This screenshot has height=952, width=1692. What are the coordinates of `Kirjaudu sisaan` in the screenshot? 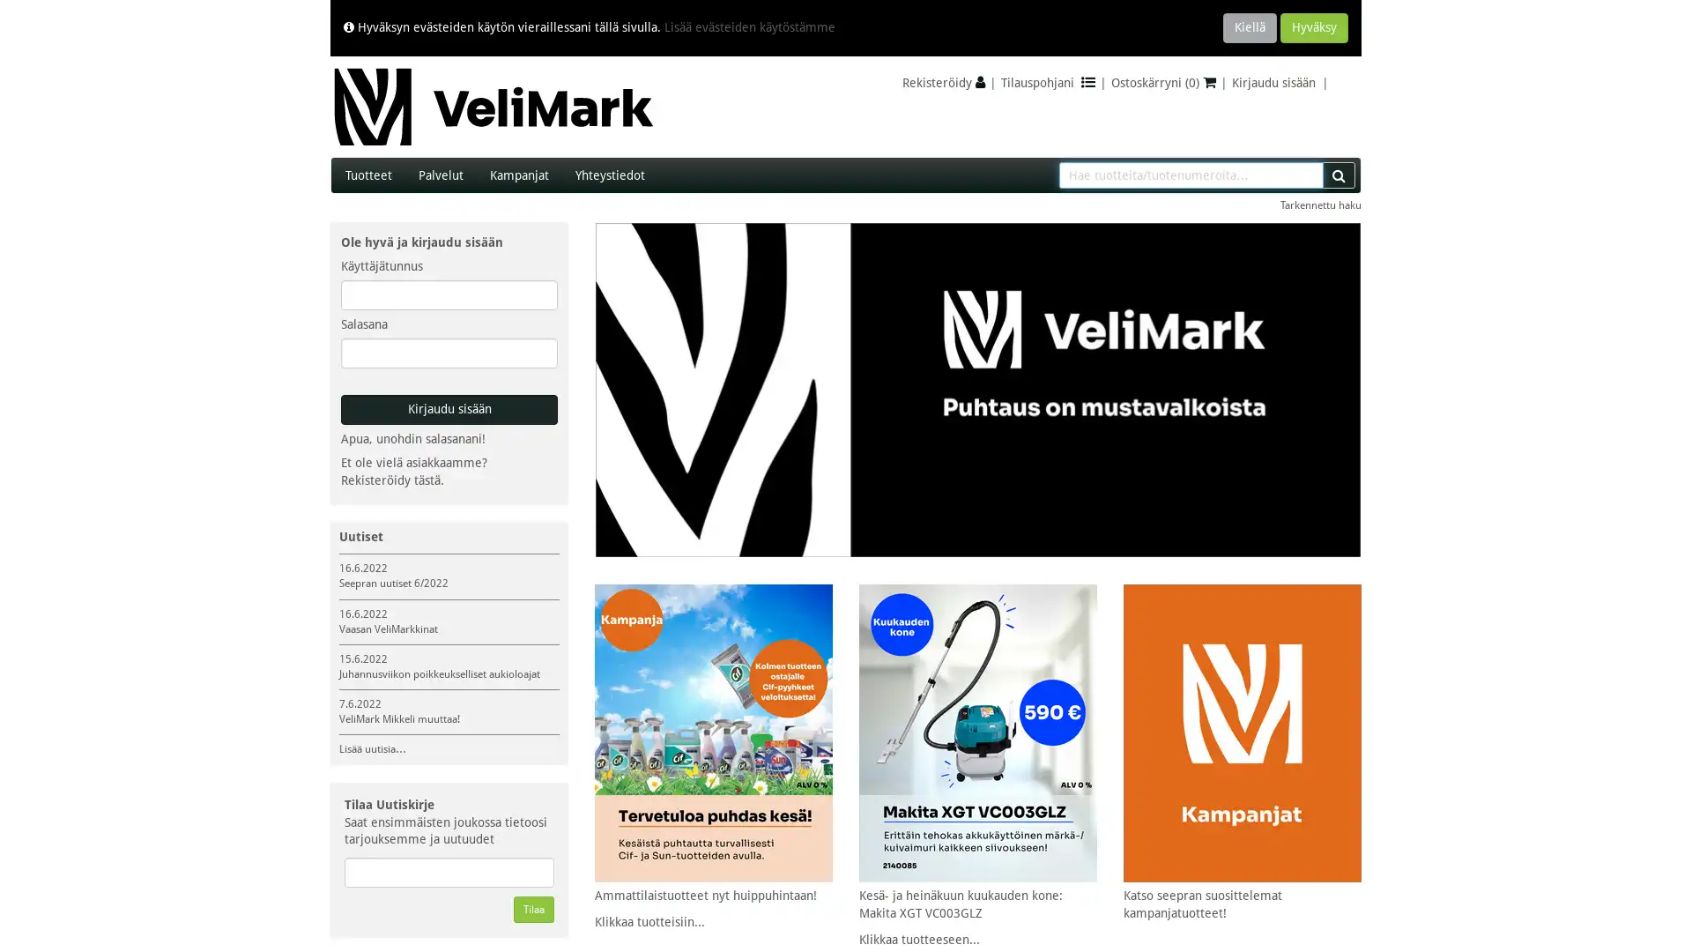 It's located at (449, 410).